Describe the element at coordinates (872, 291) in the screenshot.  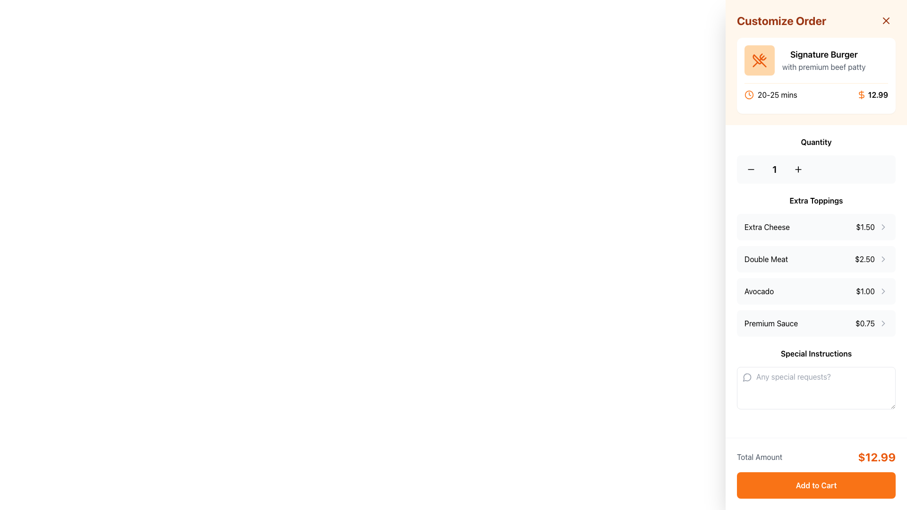
I see `the Price indicator displaying '$1.00' with a right-pointing arrow icon located in the 'Avocado' topping item row under 'Extra Toppings'` at that location.